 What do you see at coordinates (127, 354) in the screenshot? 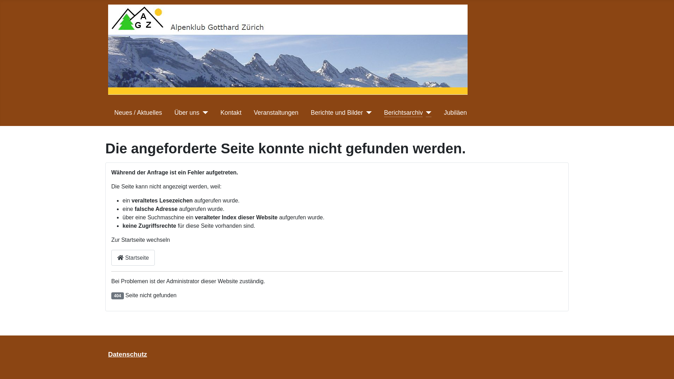
I see `'Datenschutz'` at bounding box center [127, 354].